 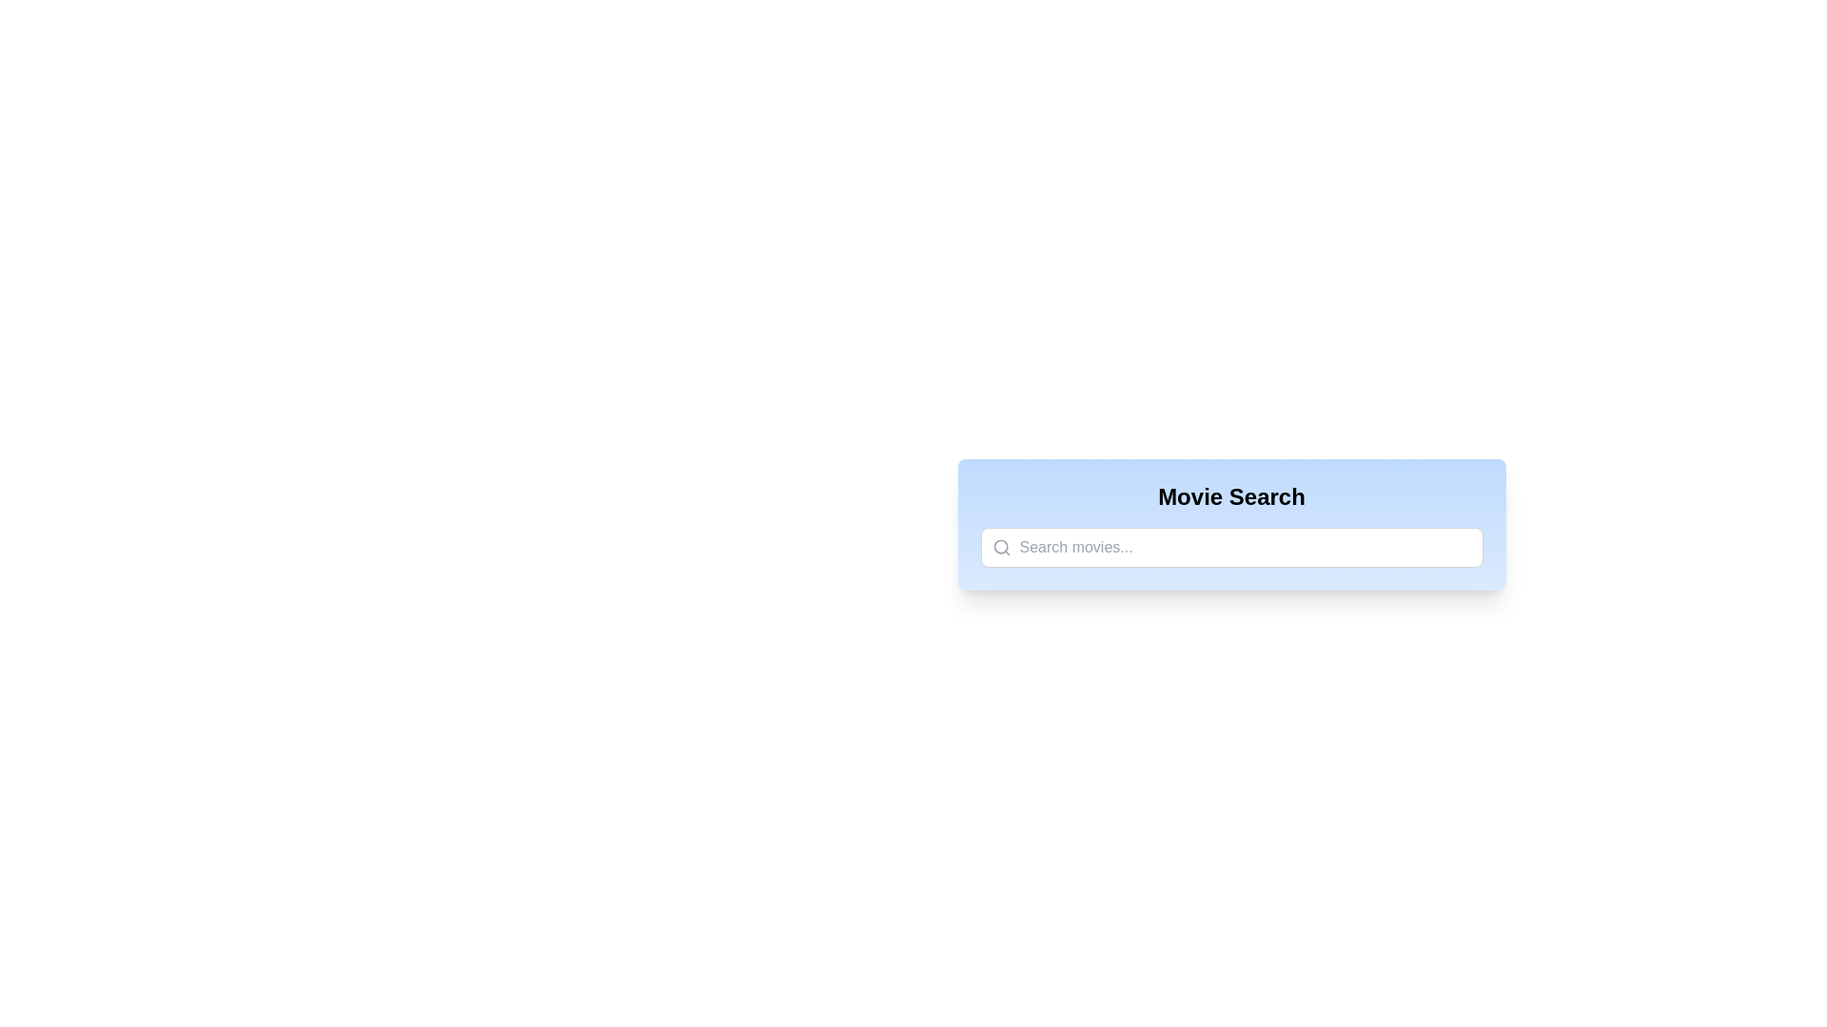 What do you see at coordinates (1000, 547) in the screenshot?
I see `the decorative icon associated with the search functionality, located to the left of the input field with the placeholder text 'Search movies...'` at bounding box center [1000, 547].